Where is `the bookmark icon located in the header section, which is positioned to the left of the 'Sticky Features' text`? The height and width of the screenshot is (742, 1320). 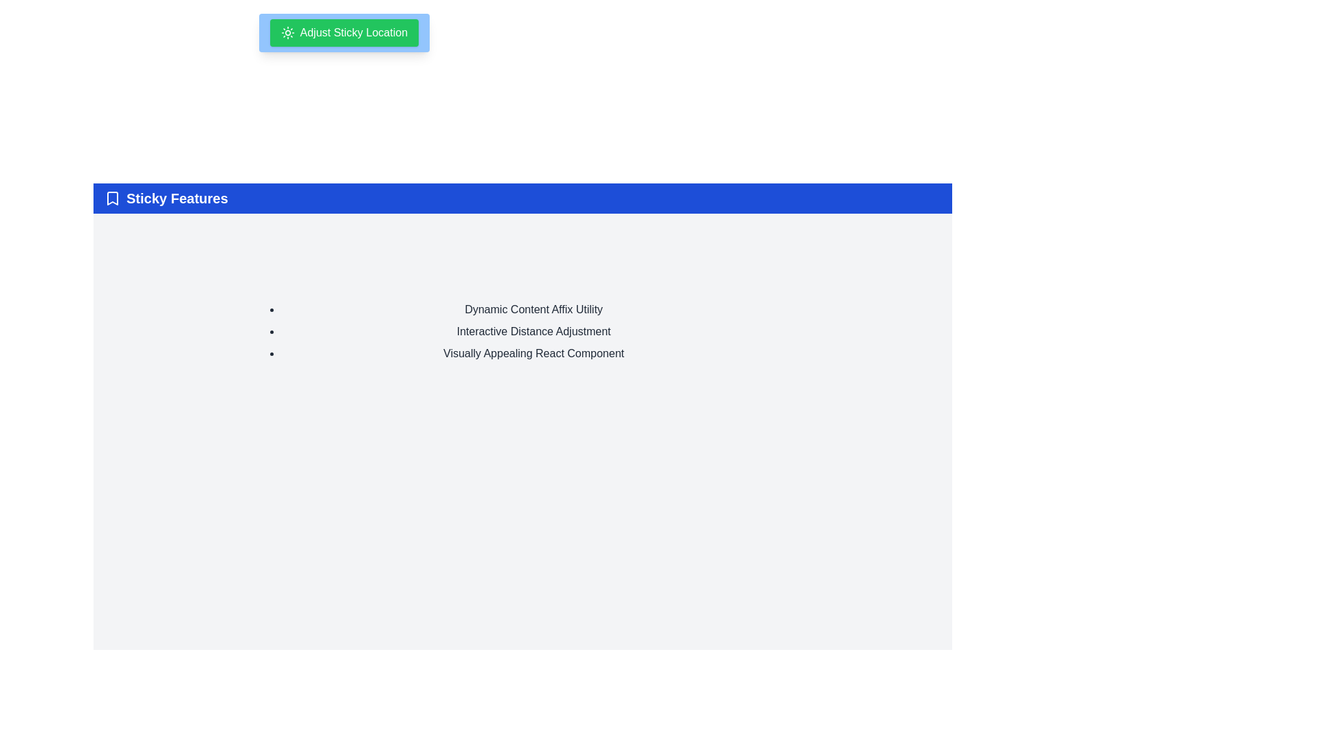 the bookmark icon located in the header section, which is positioned to the left of the 'Sticky Features' text is located at coordinates (112, 199).